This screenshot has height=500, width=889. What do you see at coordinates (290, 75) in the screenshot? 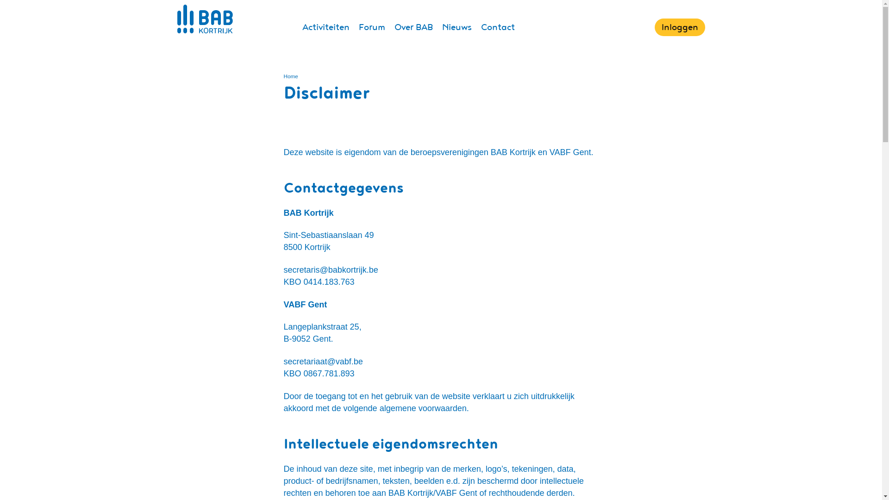
I see `'Home'` at bounding box center [290, 75].